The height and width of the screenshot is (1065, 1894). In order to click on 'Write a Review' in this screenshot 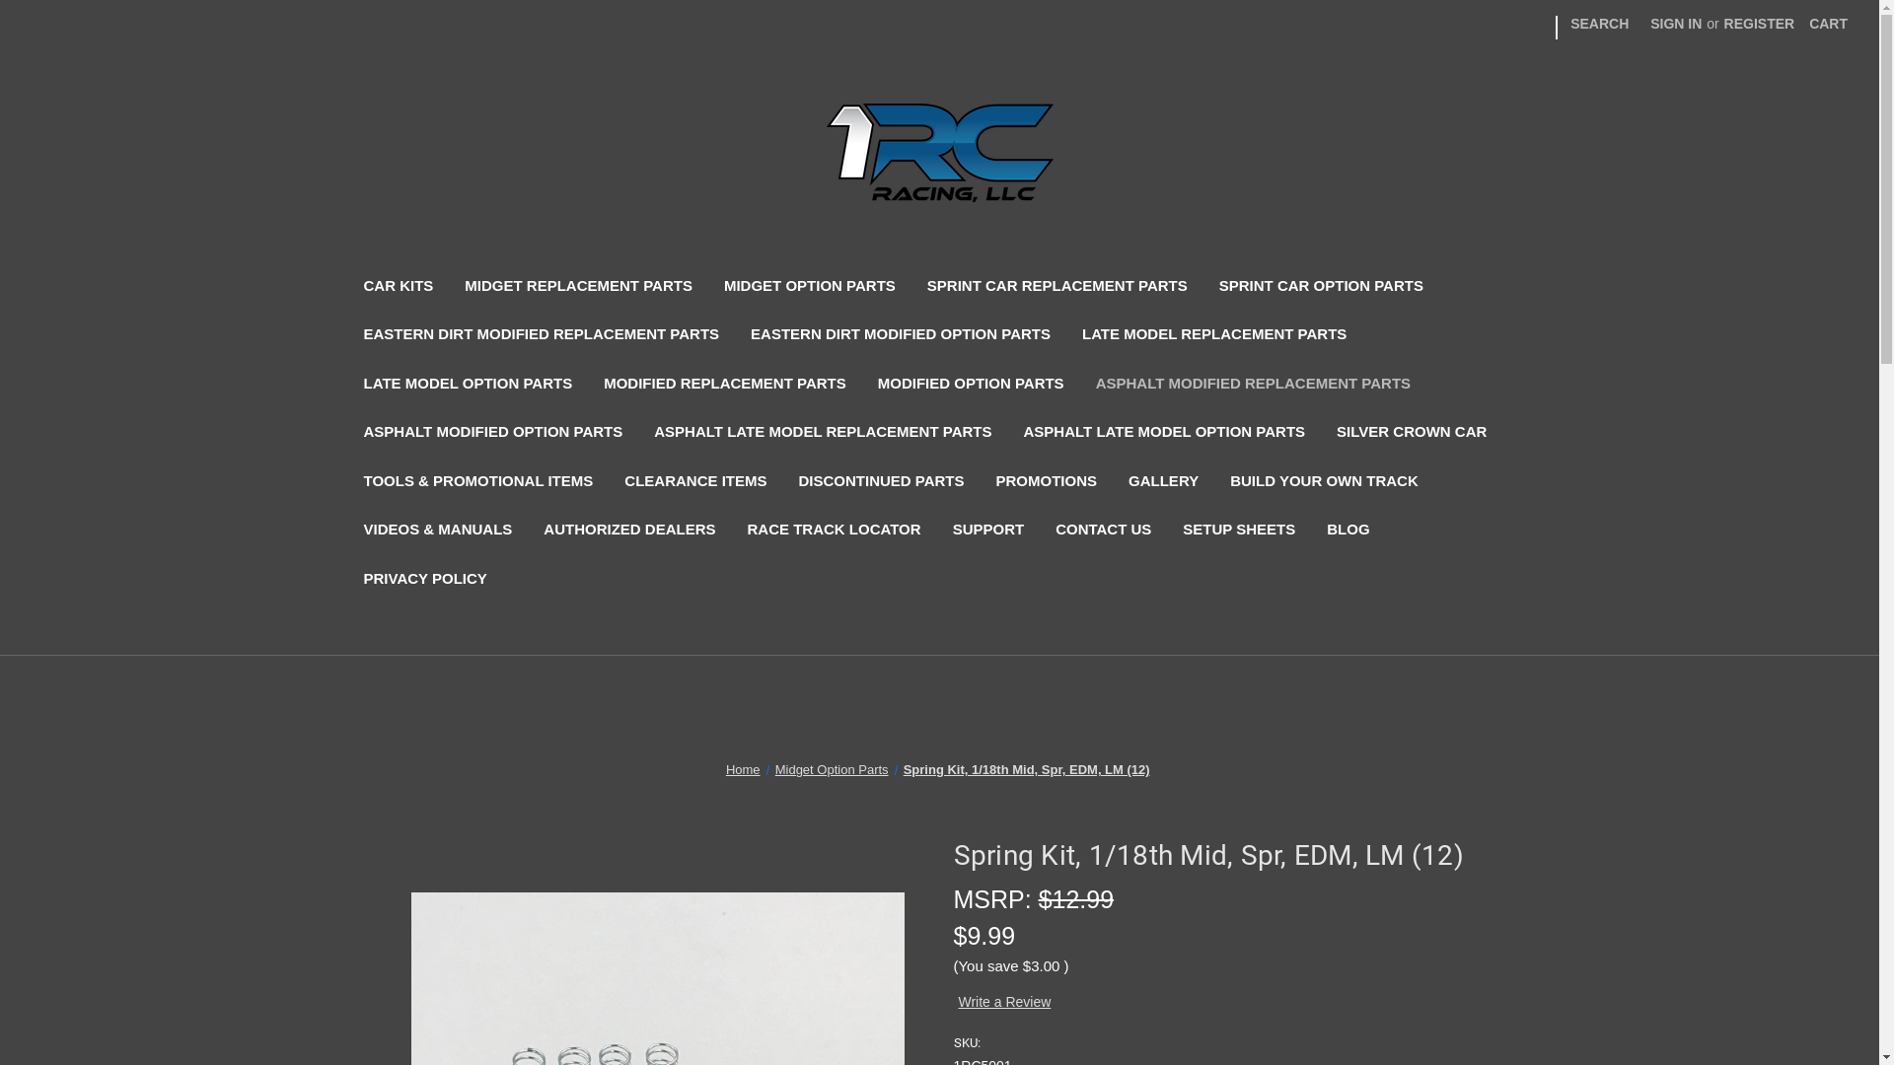, I will do `click(957, 1002)`.